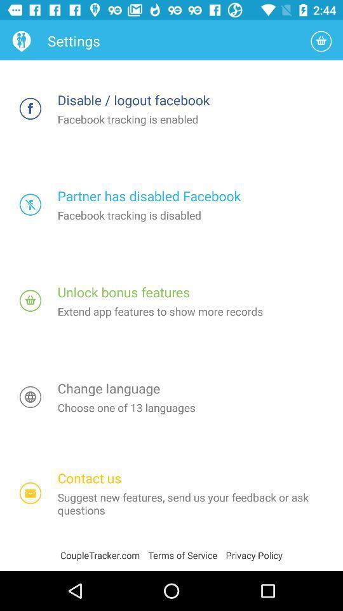 This screenshot has width=343, height=611. Describe the element at coordinates (254, 554) in the screenshot. I see `privacy policy item` at that location.